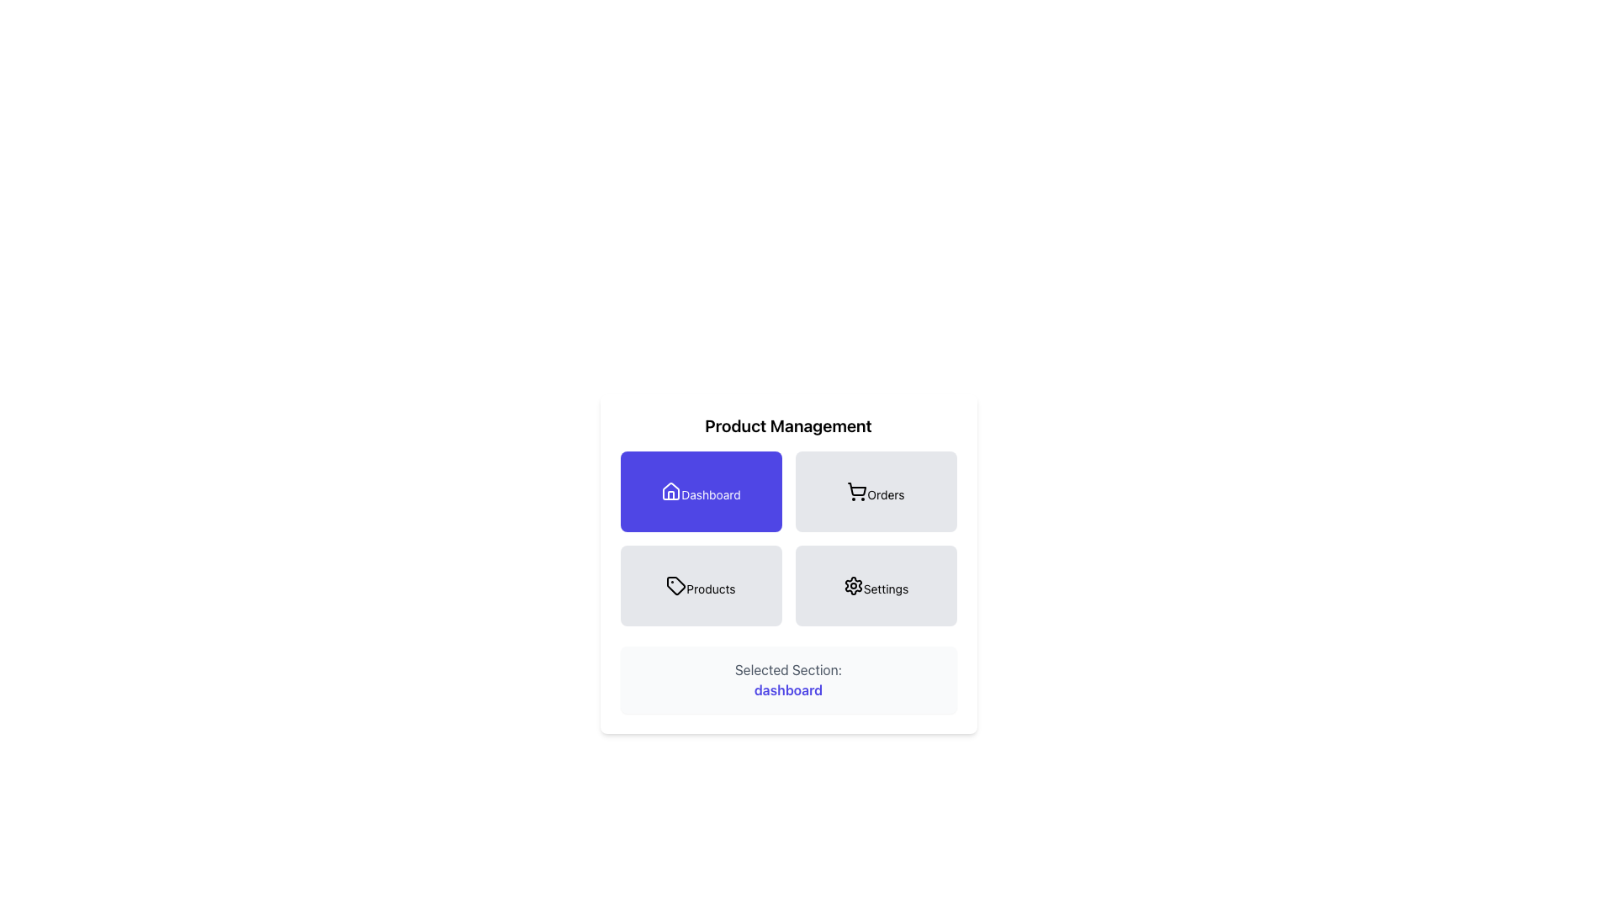 This screenshot has width=1615, height=908. I want to click on the gear icon within the 'Settings' button located in the bottom-right corner of the layout, so click(853, 585).